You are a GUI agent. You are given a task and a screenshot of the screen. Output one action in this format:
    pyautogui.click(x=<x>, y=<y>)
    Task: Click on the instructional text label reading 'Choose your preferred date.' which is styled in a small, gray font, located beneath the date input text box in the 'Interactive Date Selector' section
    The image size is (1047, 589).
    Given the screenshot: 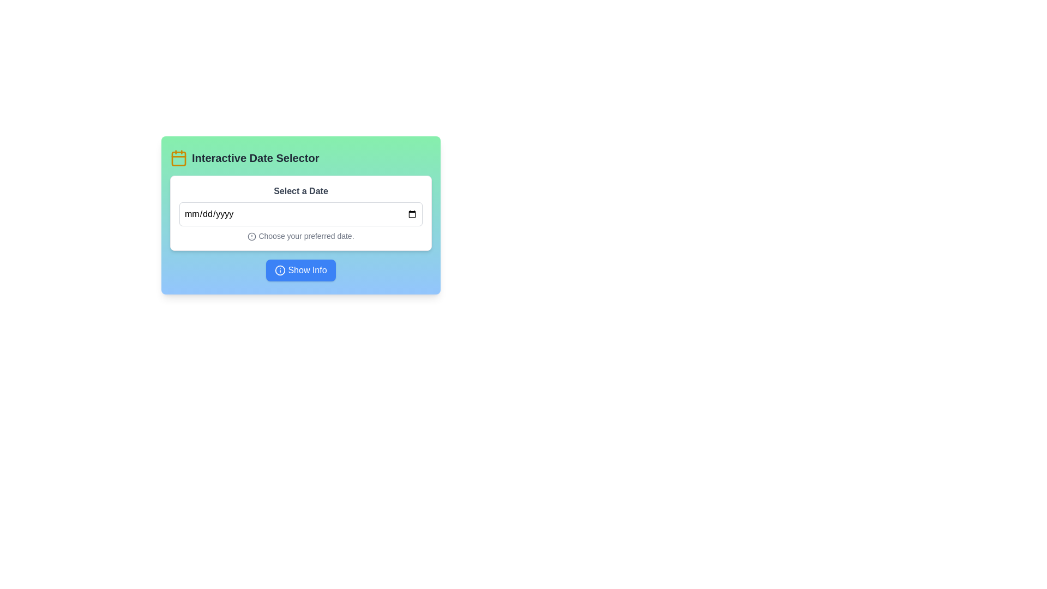 What is the action you would take?
    pyautogui.click(x=301, y=235)
    